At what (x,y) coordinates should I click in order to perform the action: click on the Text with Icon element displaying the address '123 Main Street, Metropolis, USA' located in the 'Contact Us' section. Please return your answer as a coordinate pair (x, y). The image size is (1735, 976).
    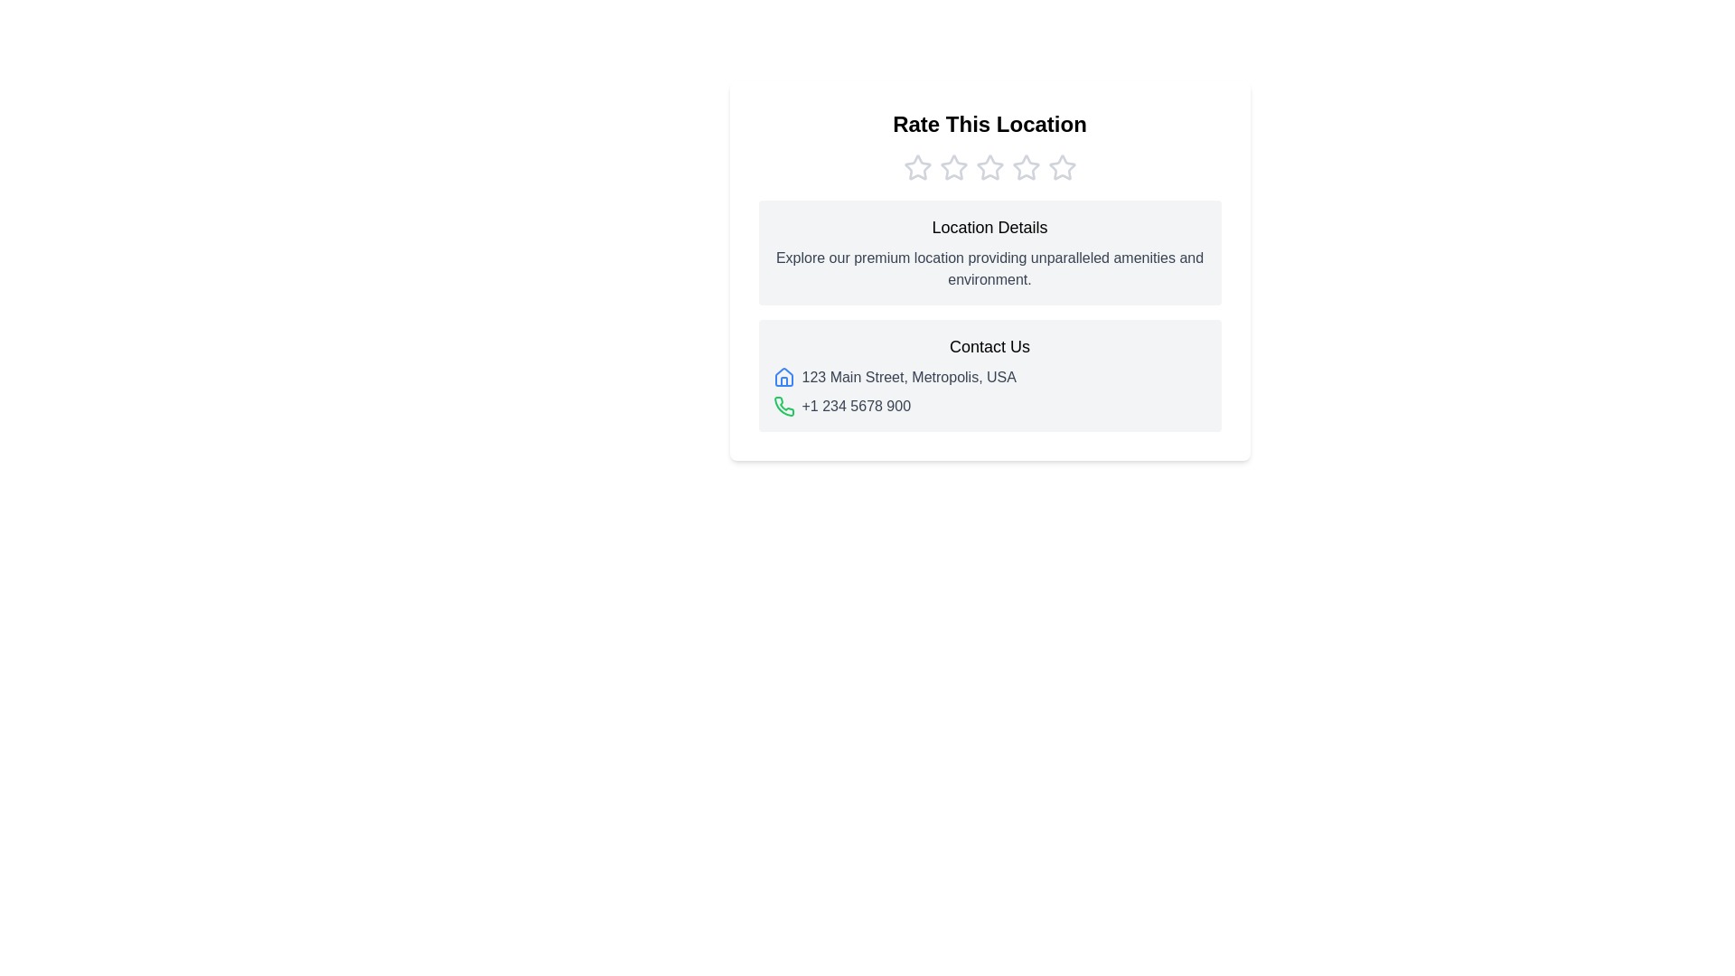
    Looking at the image, I should click on (989, 376).